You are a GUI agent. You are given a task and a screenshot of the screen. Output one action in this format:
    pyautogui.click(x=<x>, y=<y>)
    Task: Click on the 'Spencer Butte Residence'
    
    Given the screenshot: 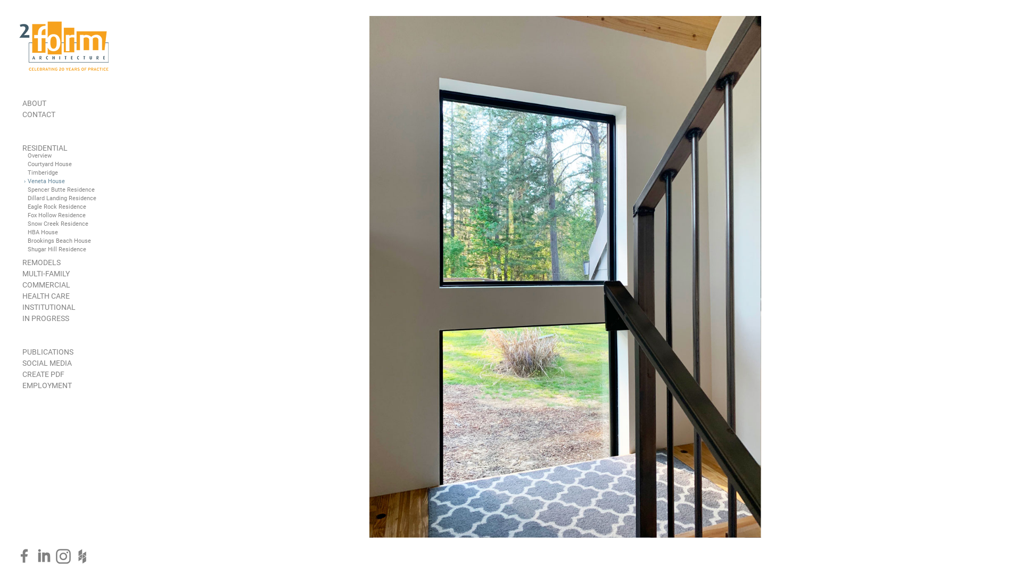 What is the action you would take?
    pyautogui.click(x=28, y=189)
    